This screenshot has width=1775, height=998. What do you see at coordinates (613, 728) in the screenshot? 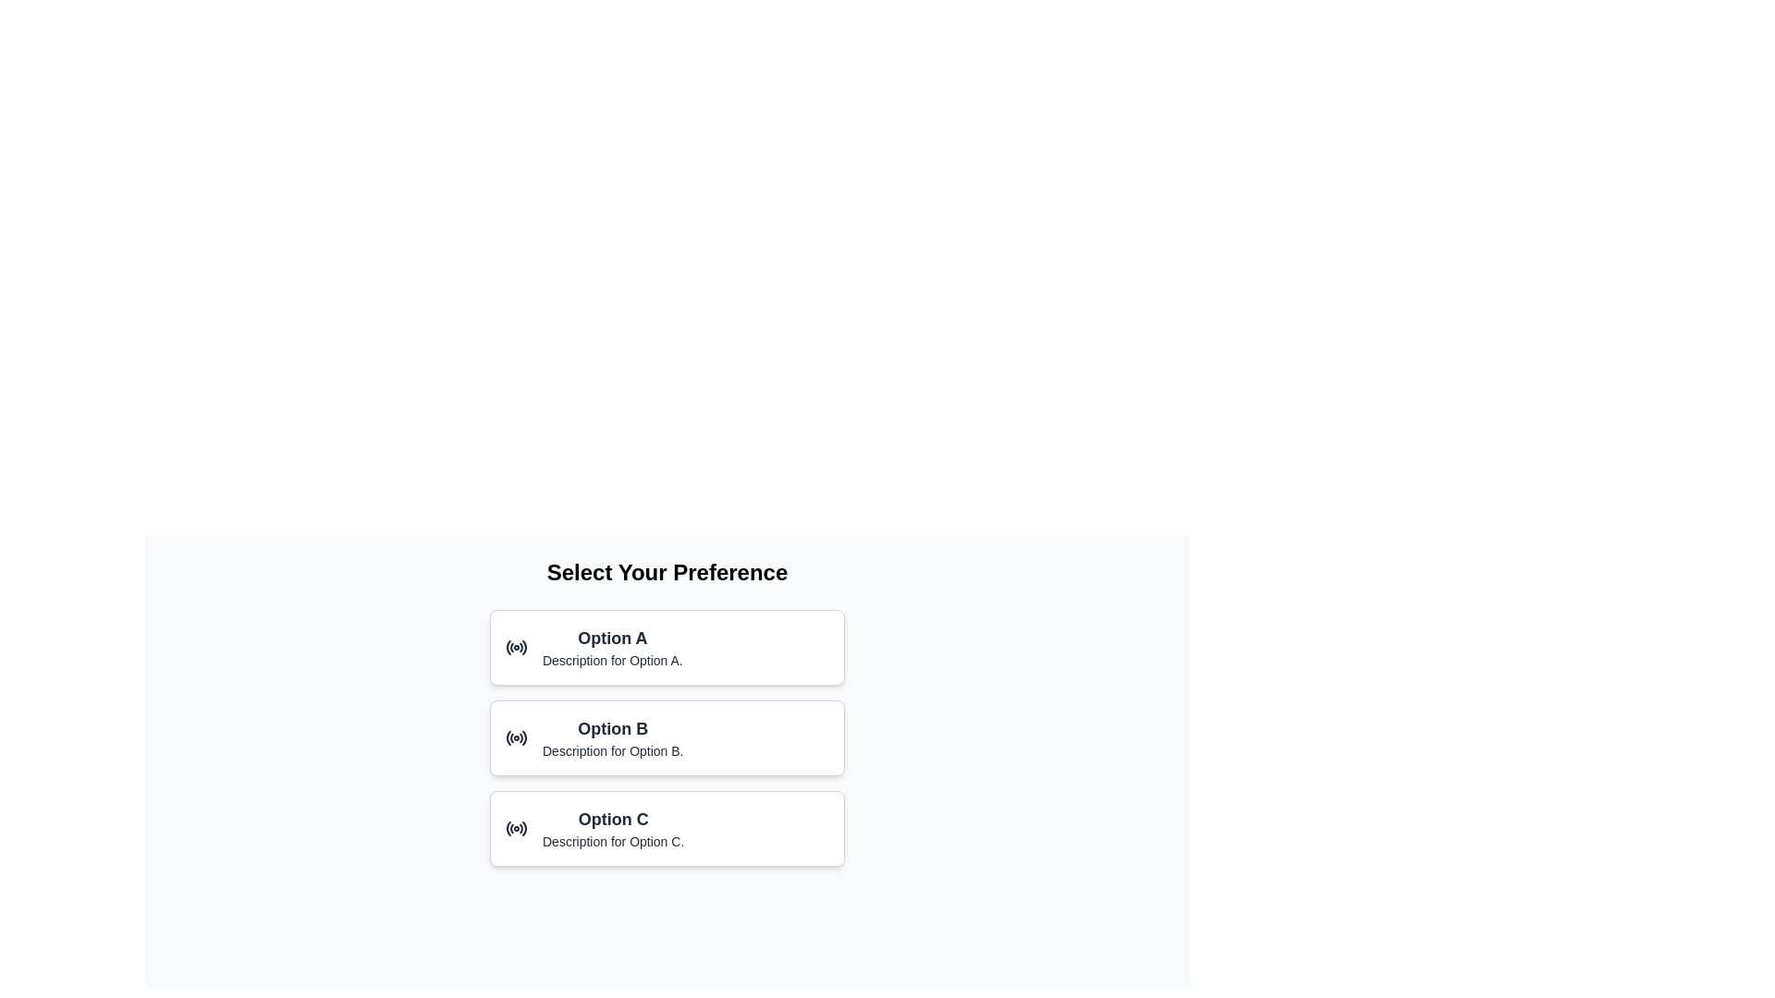
I see `the 'Option B' text label, which is styled in bold and larger font, located in the middle of the vertically stacked list of options, directly below 'Option A' and above 'Option C'` at bounding box center [613, 728].